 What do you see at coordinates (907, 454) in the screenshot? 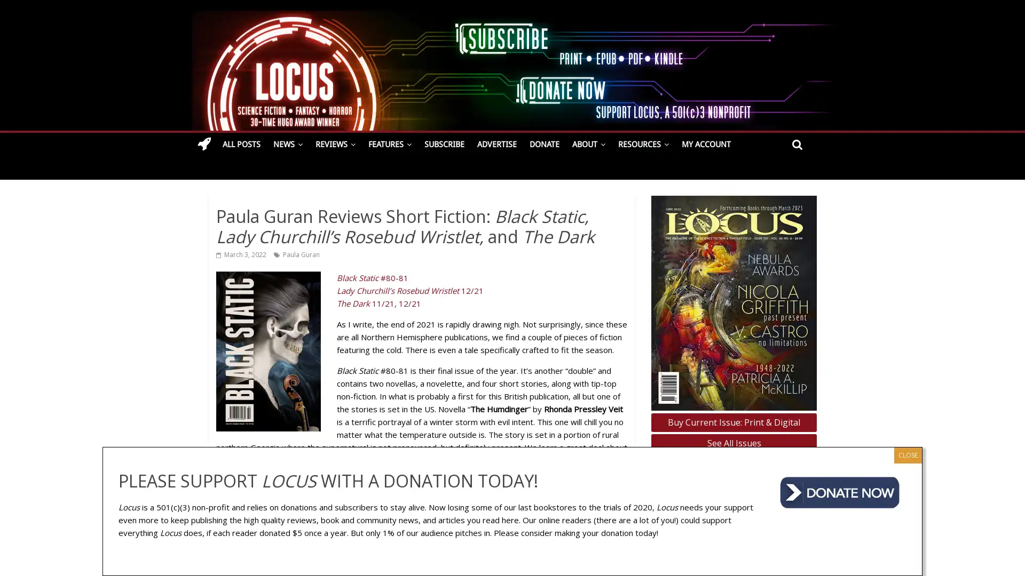
I see `Close` at bounding box center [907, 454].